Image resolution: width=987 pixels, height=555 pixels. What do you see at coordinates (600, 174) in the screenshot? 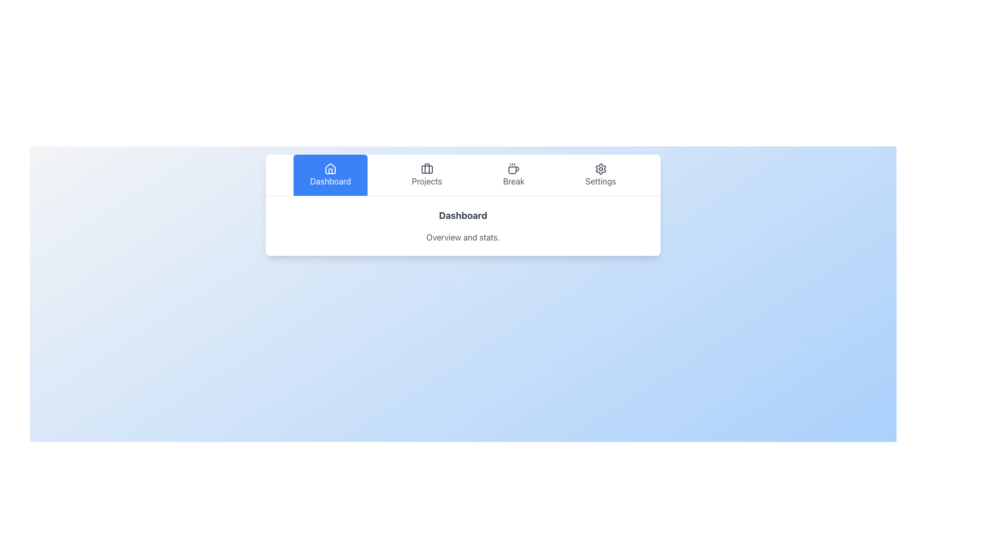
I see `the 'Settings' tab styled button, which features a gear icon above the text 'Settings' and is positioned at the far right of the navigation bar` at bounding box center [600, 174].